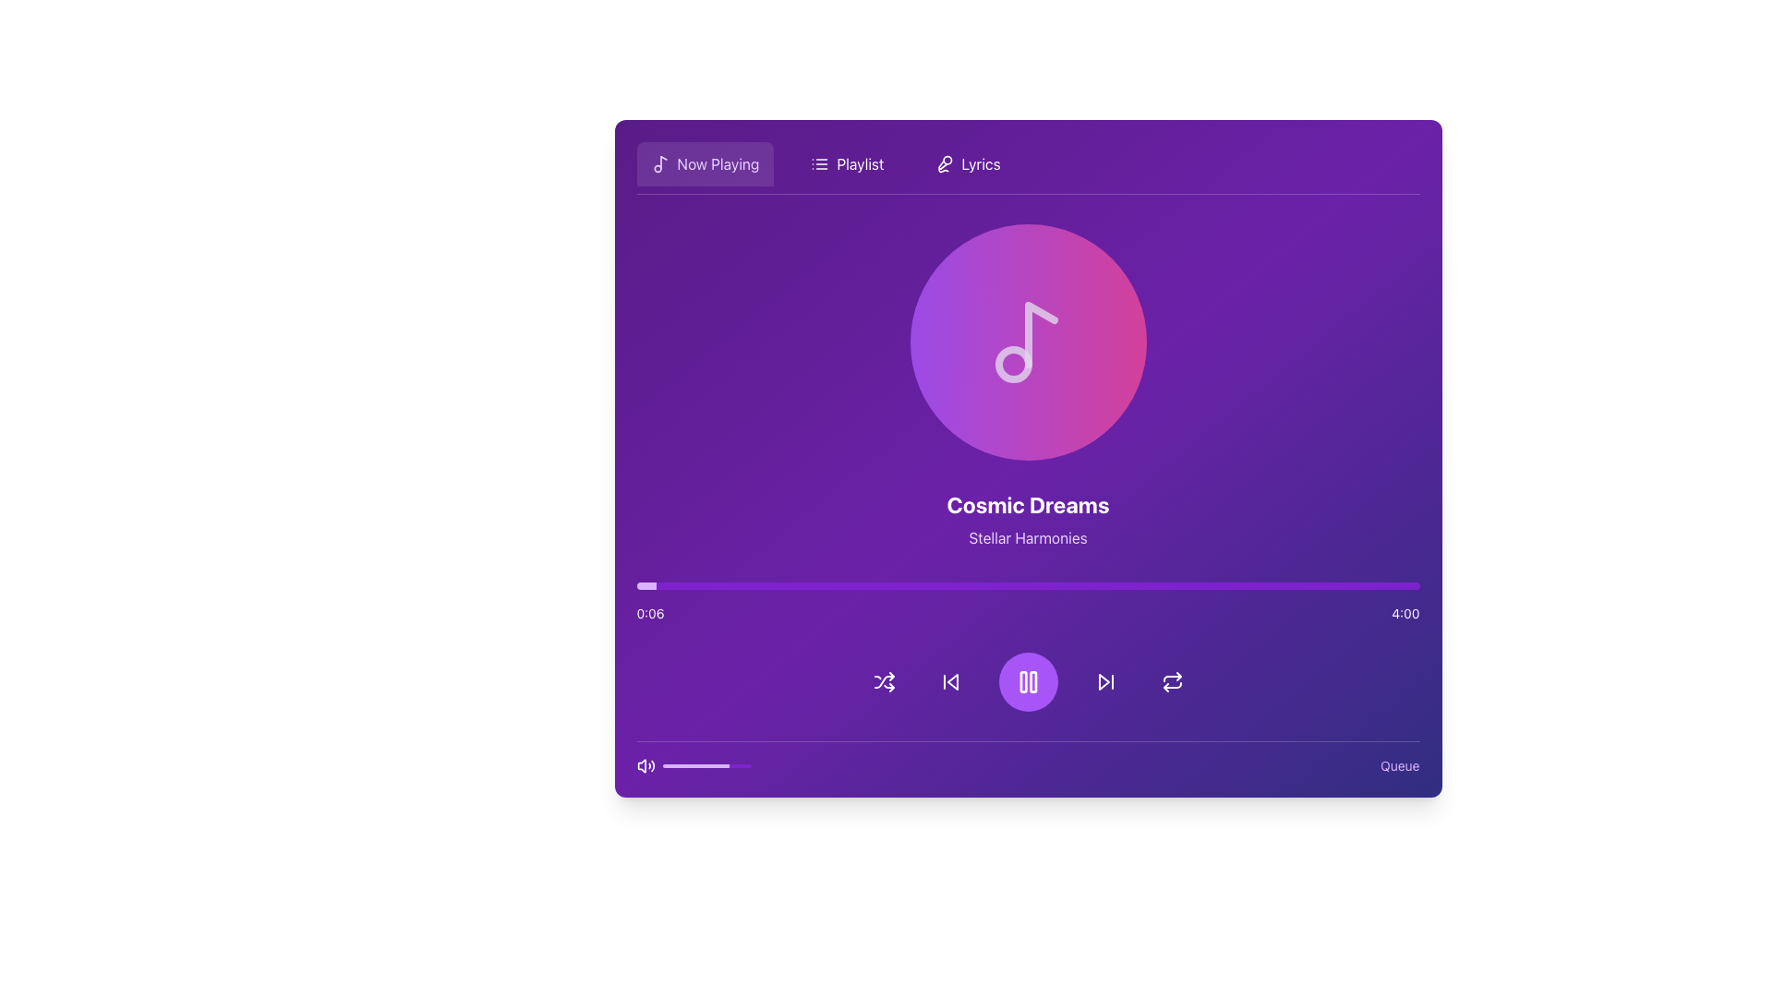 This screenshot has width=1773, height=997. What do you see at coordinates (900, 586) in the screenshot?
I see `the playback position` at bounding box center [900, 586].